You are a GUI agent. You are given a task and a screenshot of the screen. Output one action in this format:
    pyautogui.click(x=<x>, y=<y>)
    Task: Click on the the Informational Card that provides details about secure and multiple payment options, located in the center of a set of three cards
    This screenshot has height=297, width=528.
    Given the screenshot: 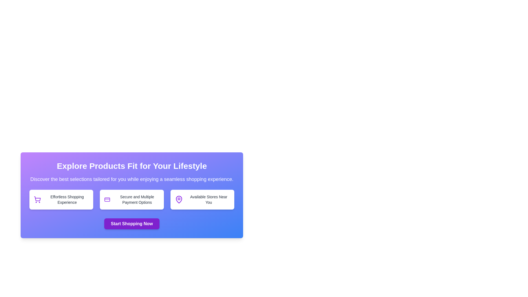 What is the action you would take?
    pyautogui.click(x=131, y=199)
    